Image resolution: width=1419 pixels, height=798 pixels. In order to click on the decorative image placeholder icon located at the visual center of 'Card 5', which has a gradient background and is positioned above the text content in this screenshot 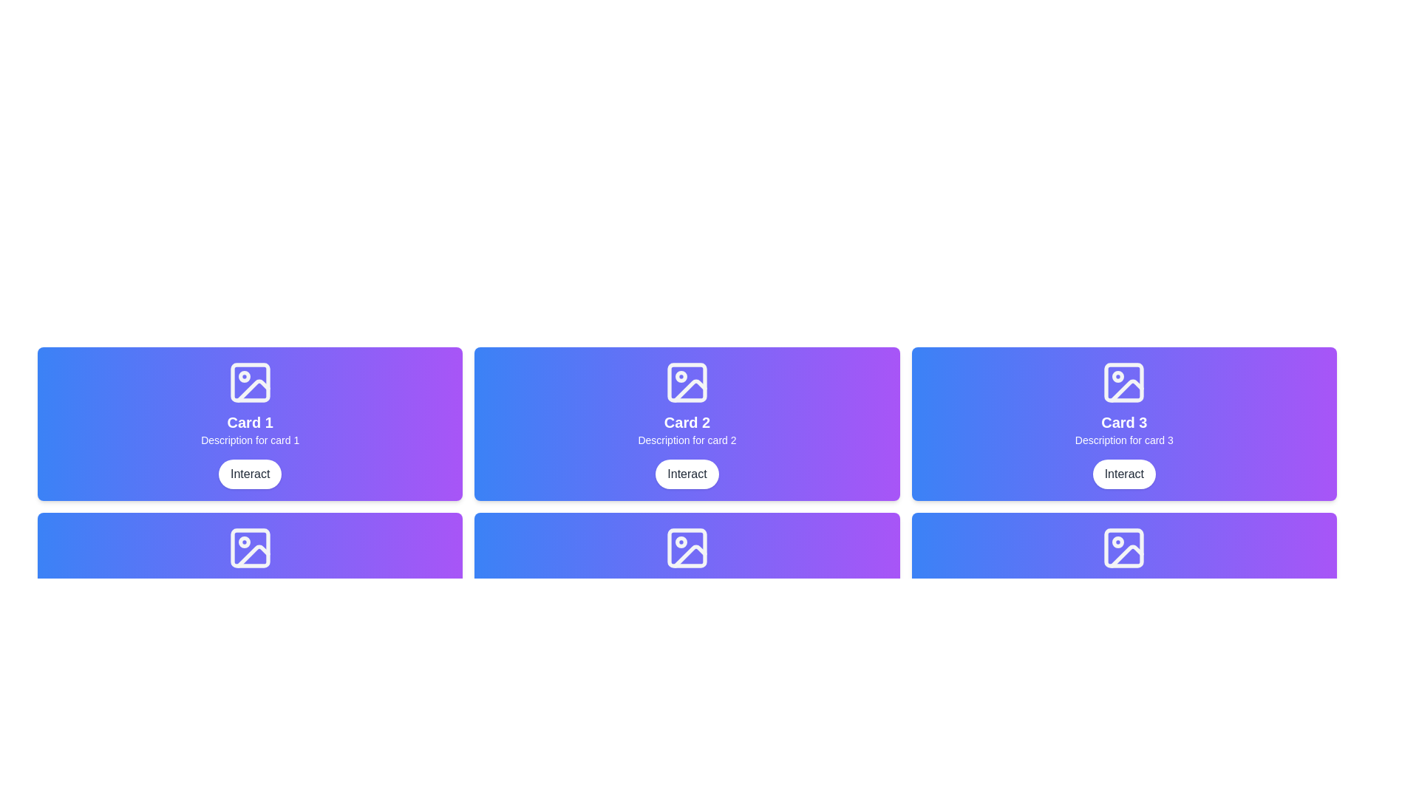, I will do `click(687, 548)`.